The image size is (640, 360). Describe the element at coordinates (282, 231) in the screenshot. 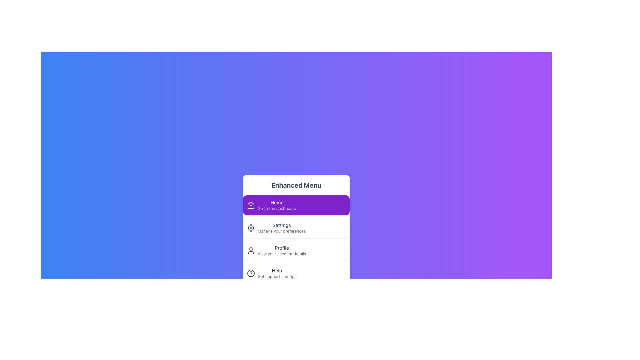

I see `the descriptive text label that provides additional context for the 'Settings' option in the vertical list menu` at that location.